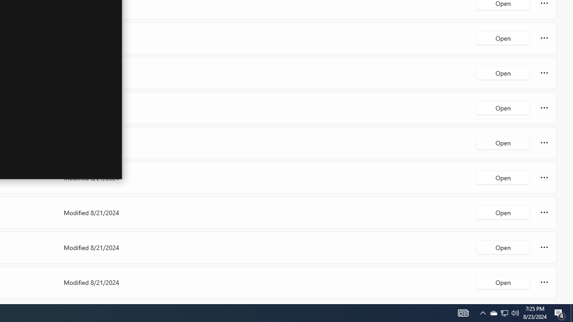 The height and width of the screenshot is (322, 573). Describe the element at coordinates (505, 312) in the screenshot. I see `'Q2790: 100%'` at that location.